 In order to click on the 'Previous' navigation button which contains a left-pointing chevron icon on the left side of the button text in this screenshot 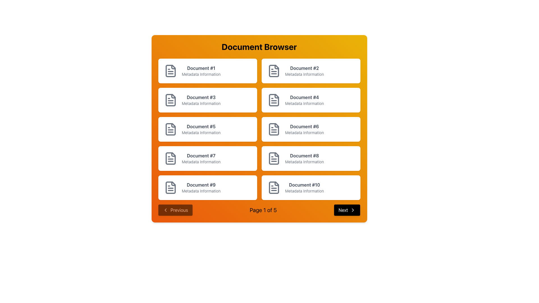, I will do `click(165, 210)`.